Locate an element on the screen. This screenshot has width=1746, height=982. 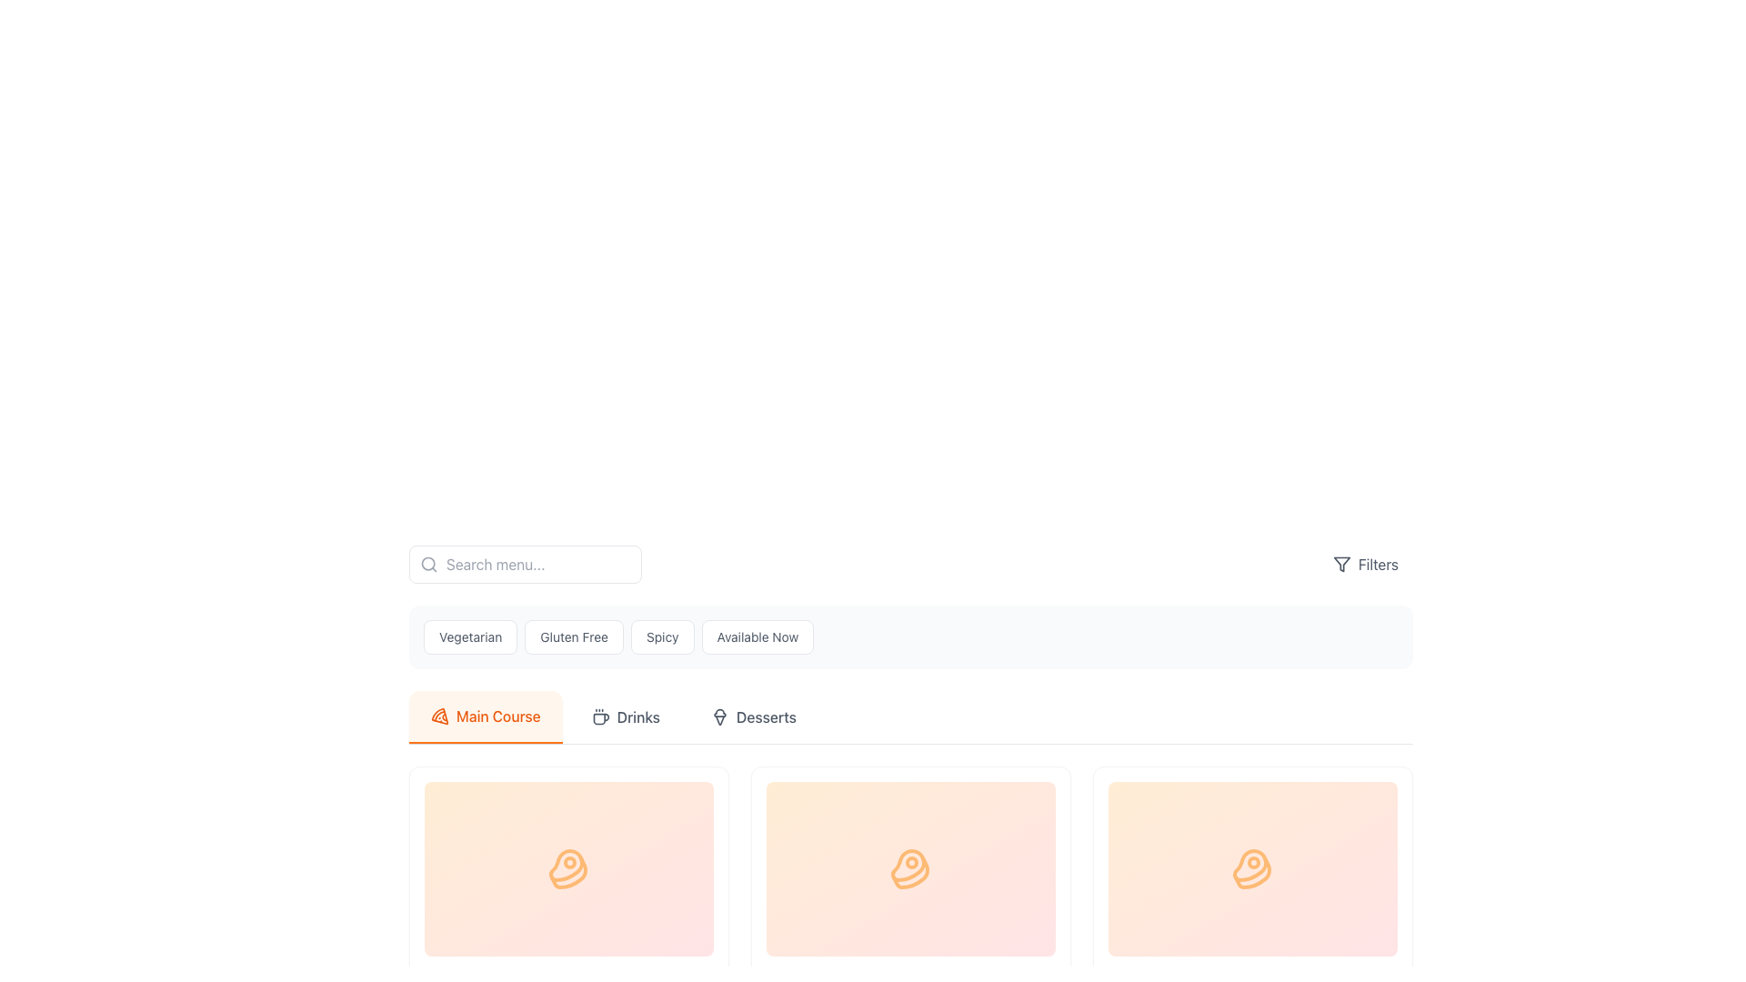
the orange-colored pizza slice icon that is the leftmost icon in the 'Main Course' tab bar, positioned immediately to the left of the 'Main Course' text label is located at coordinates (440, 715).